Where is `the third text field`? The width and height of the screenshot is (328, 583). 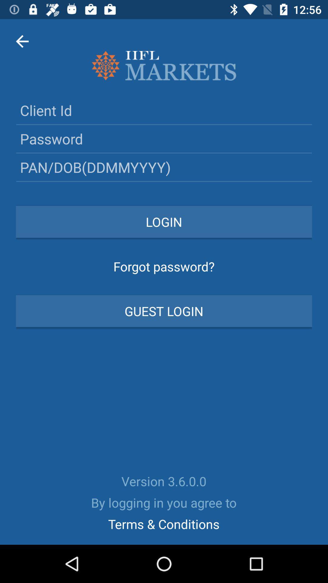
the third text field is located at coordinates (164, 167).